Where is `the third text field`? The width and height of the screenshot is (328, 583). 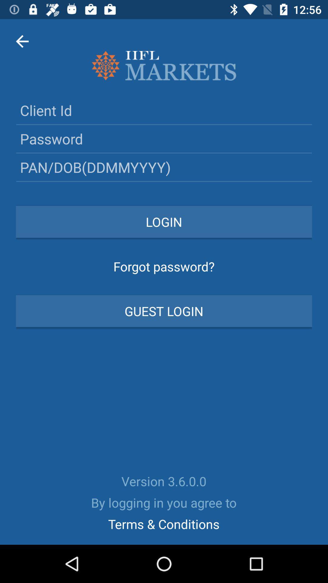
the third text field is located at coordinates (164, 167).